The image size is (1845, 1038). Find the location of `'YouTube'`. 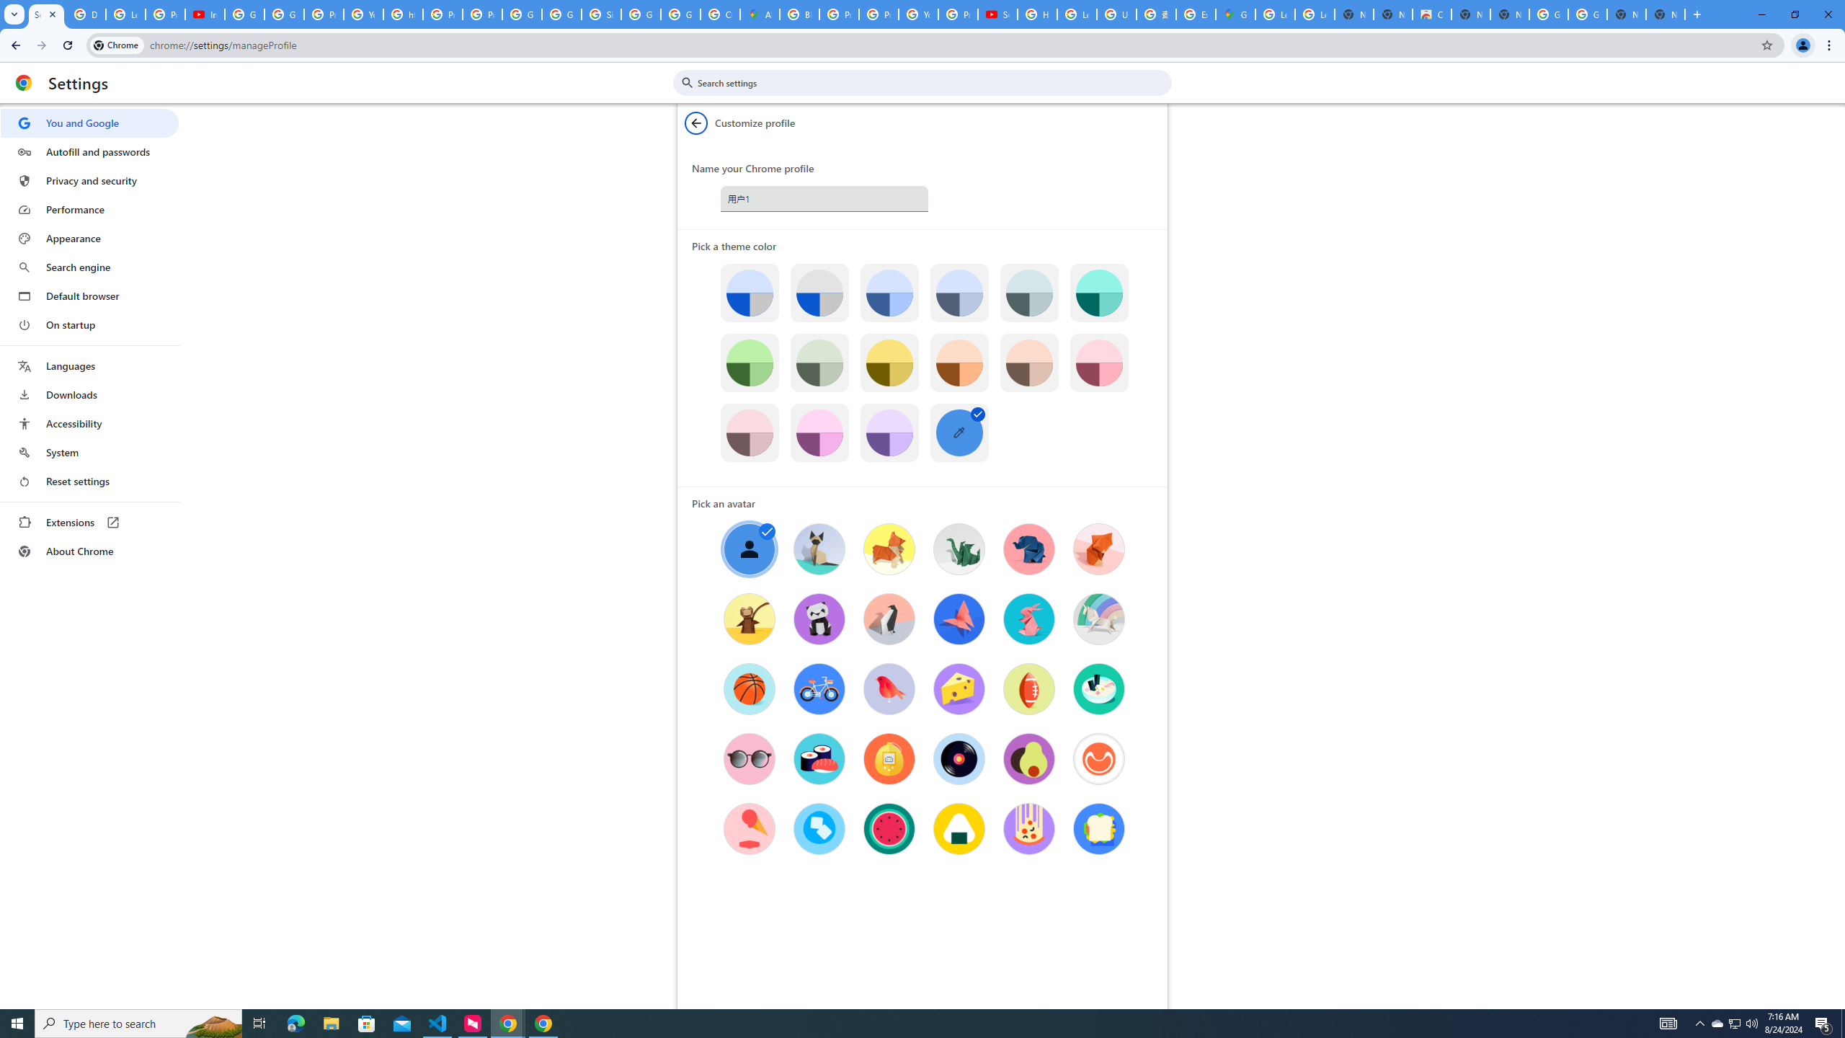

'YouTube' is located at coordinates (917, 14).